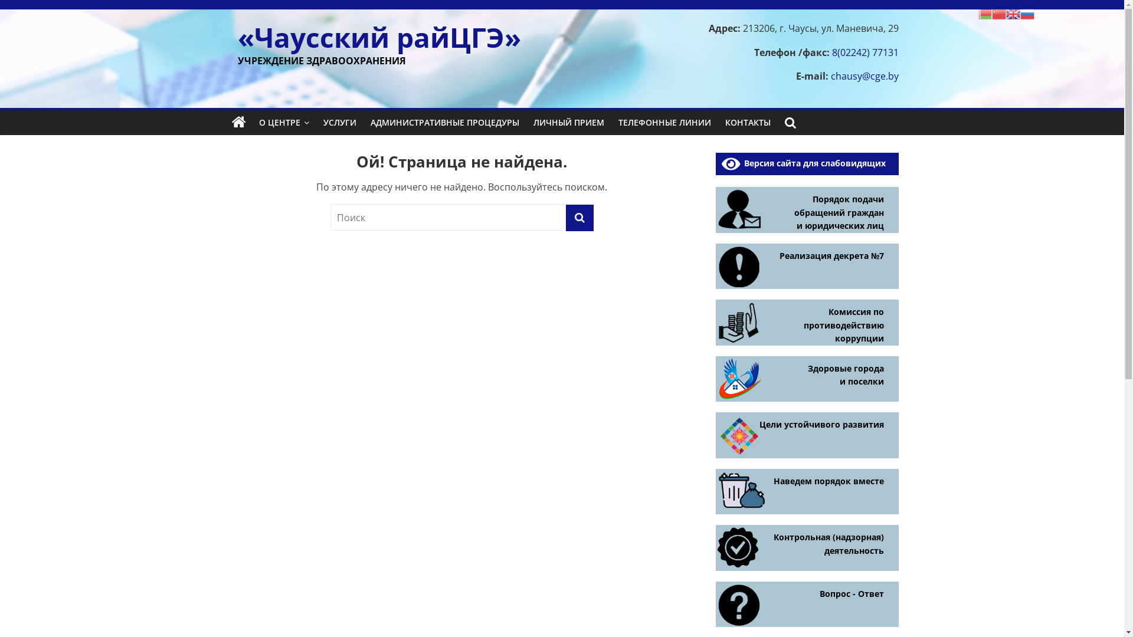  I want to click on '8(02242) 77131', so click(865, 51).